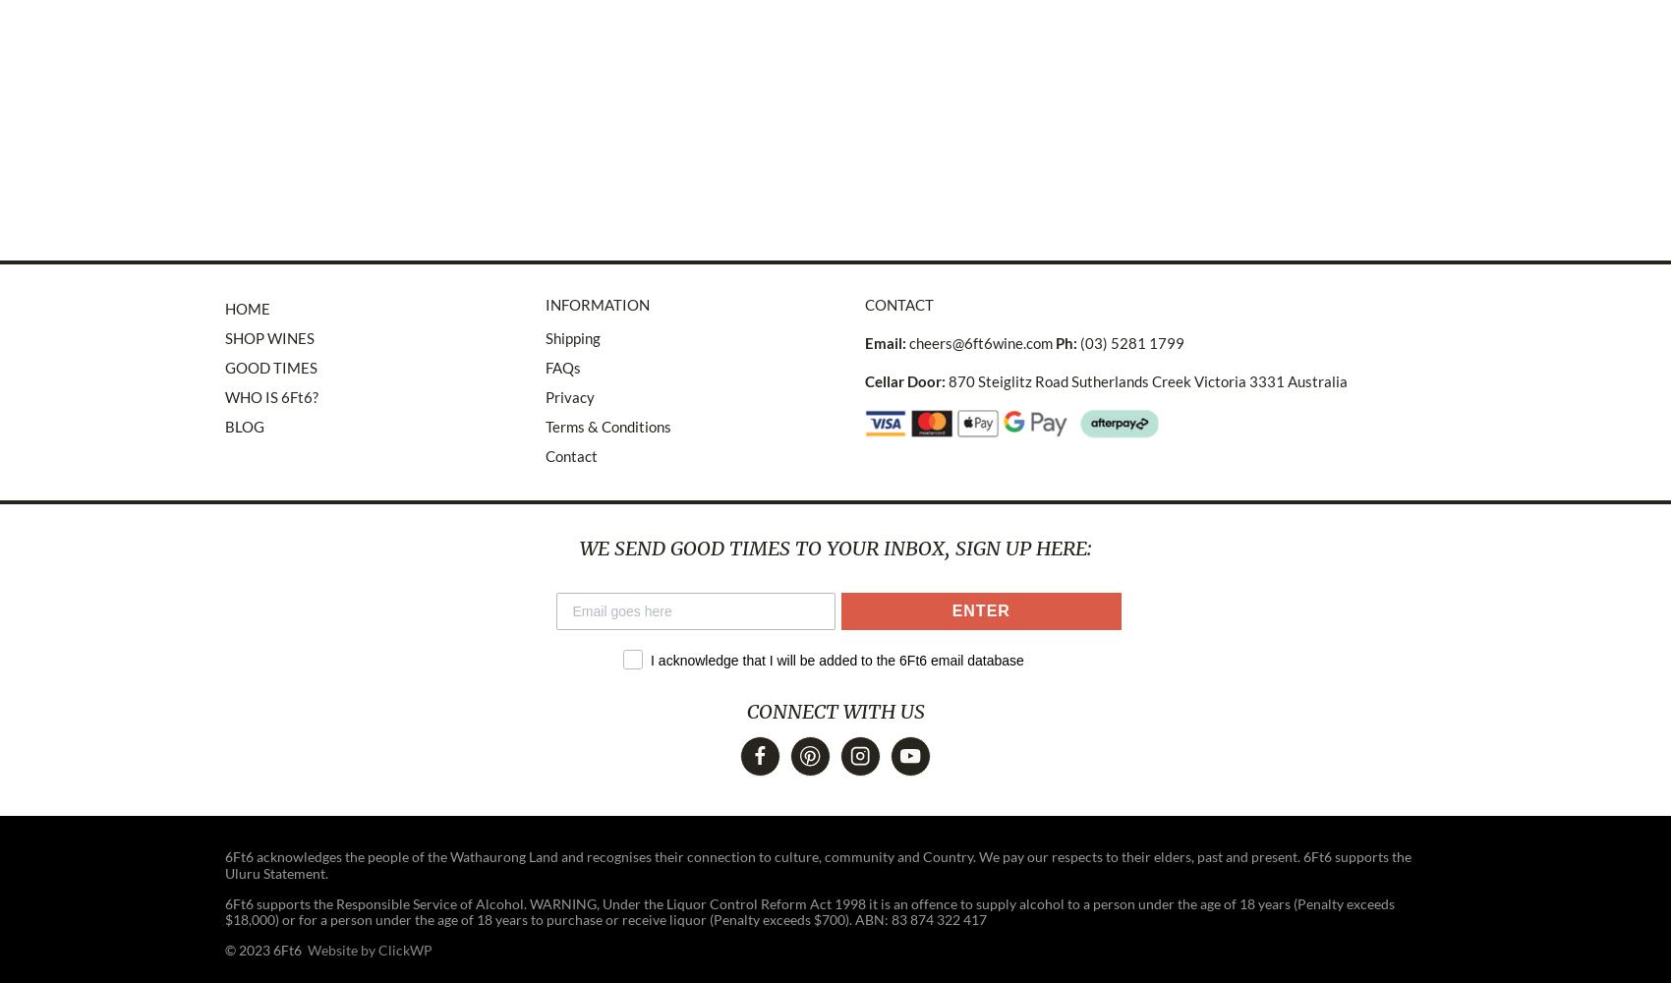 This screenshot has width=1671, height=983. What do you see at coordinates (979, 609) in the screenshot?
I see `'ENTER'` at bounding box center [979, 609].